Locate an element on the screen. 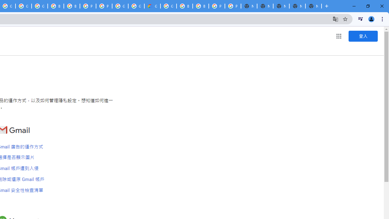  'Browse Chrome as a guest - Computer - Google Chrome Help' is located at coordinates (72, 6).